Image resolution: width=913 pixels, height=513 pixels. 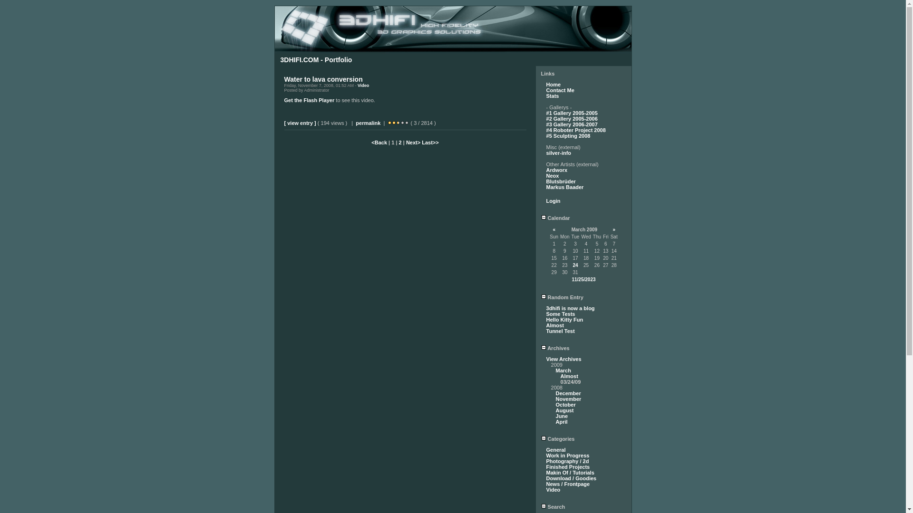 What do you see at coordinates (572, 265) in the screenshot?
I see `'24'` at bounding box center [572, 265].